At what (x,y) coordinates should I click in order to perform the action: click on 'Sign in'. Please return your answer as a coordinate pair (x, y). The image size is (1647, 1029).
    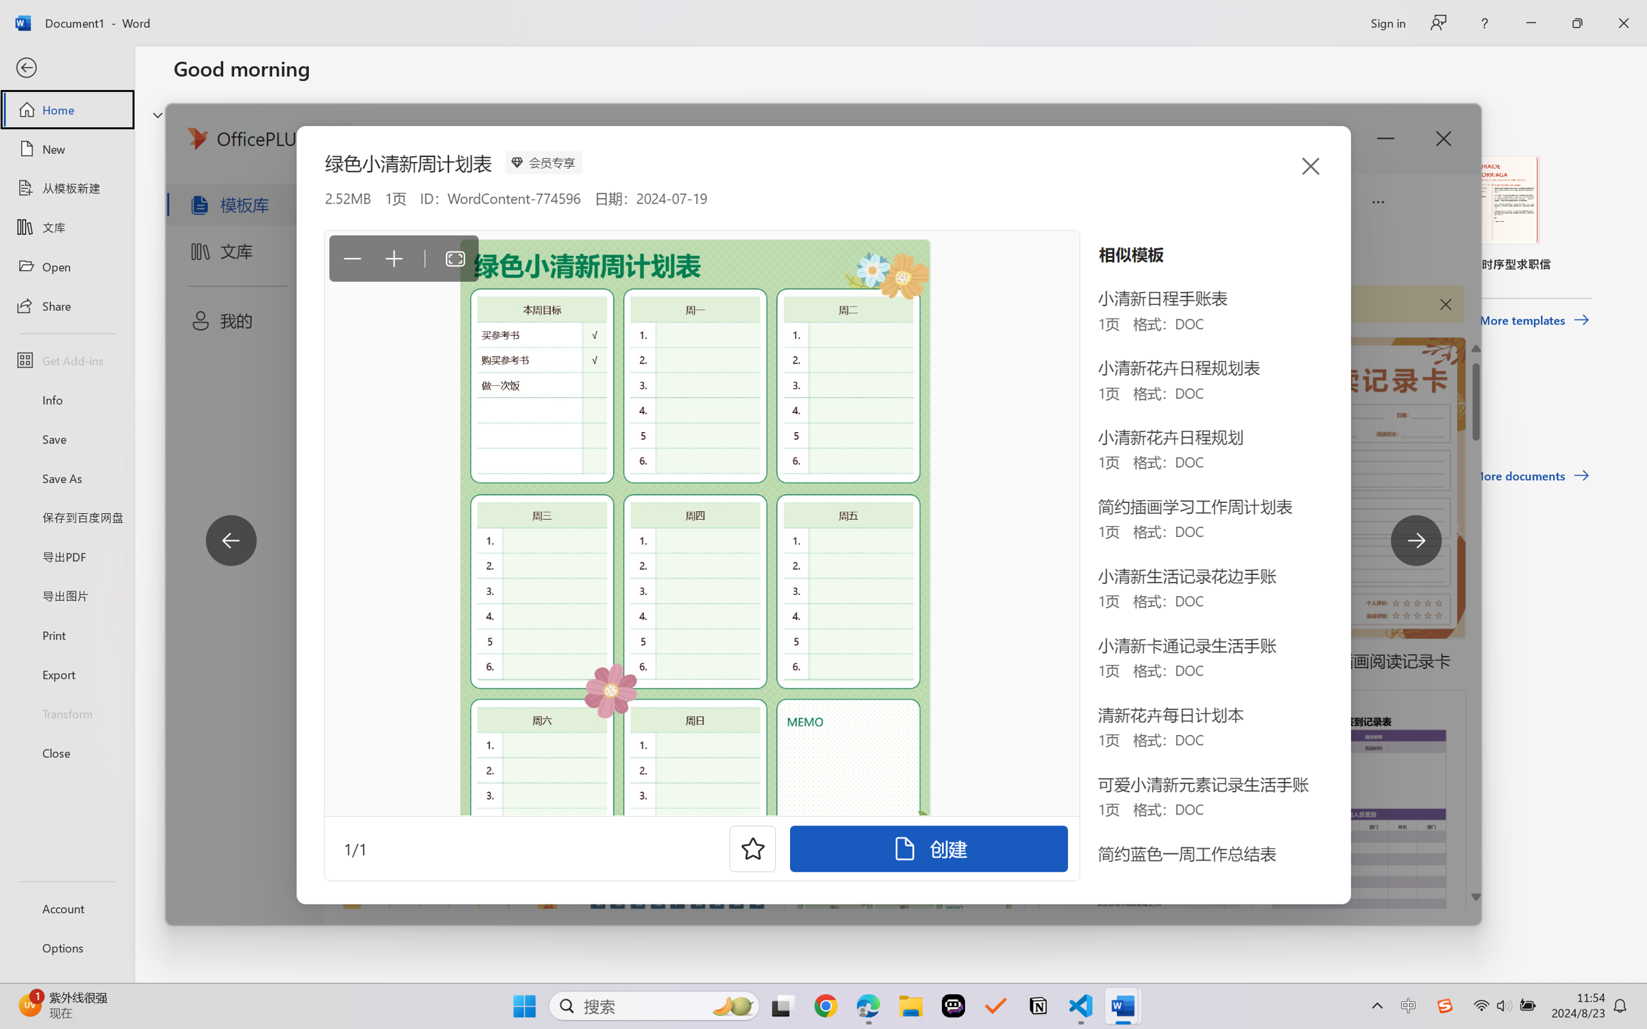
    Looking at the image, I should click on (1386, 22).